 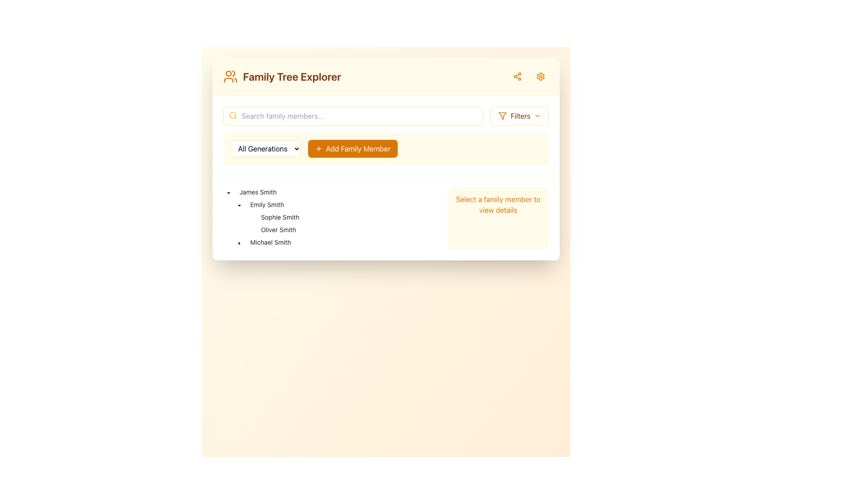 What do you see at coordinates (255, 204) in the screenshot?
I see `the caret of the tree item labeled 'Emily Smith'` at bounding box center [255, 204].